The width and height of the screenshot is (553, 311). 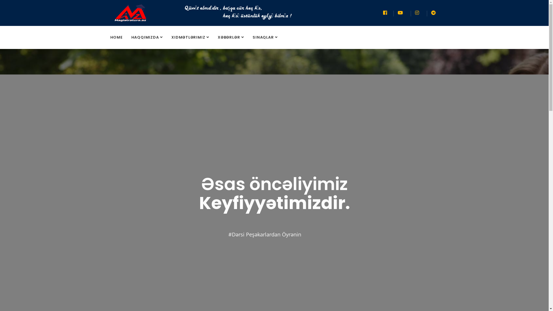 What do you see at coordinates (147, 37) in the screenshot?
I see `'HAQQIMIZDA'` at bounding box center [147, 37].